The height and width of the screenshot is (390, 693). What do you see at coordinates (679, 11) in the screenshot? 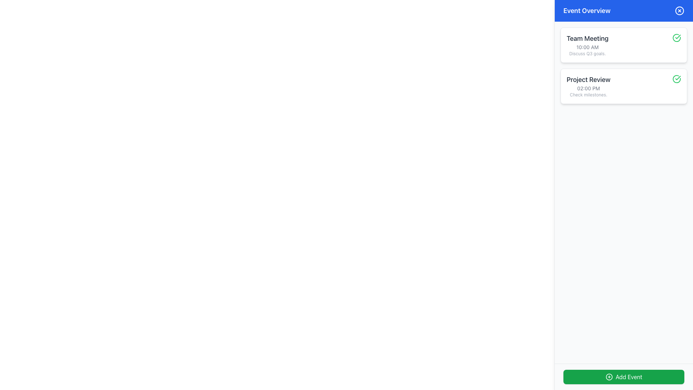
I see `the circular icon with a blue background and an 'X' symbol in the top-right corner of the 'Event Overview' section` at bounding box center [679, 11].